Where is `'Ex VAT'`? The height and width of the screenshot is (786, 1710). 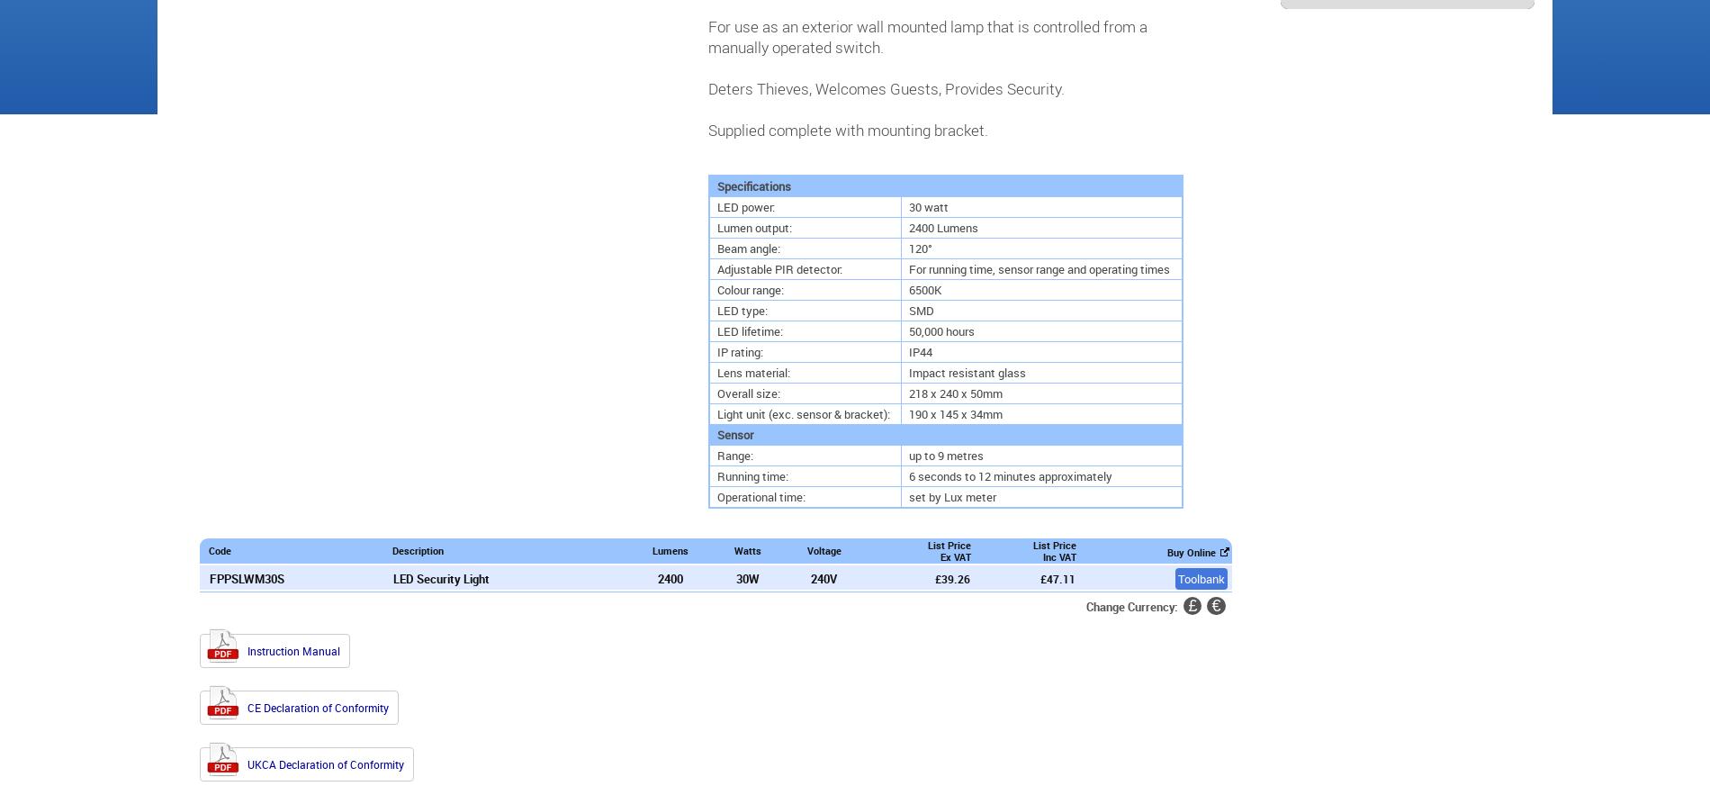
'Ex VAT' is located at coordinates (940, 556).